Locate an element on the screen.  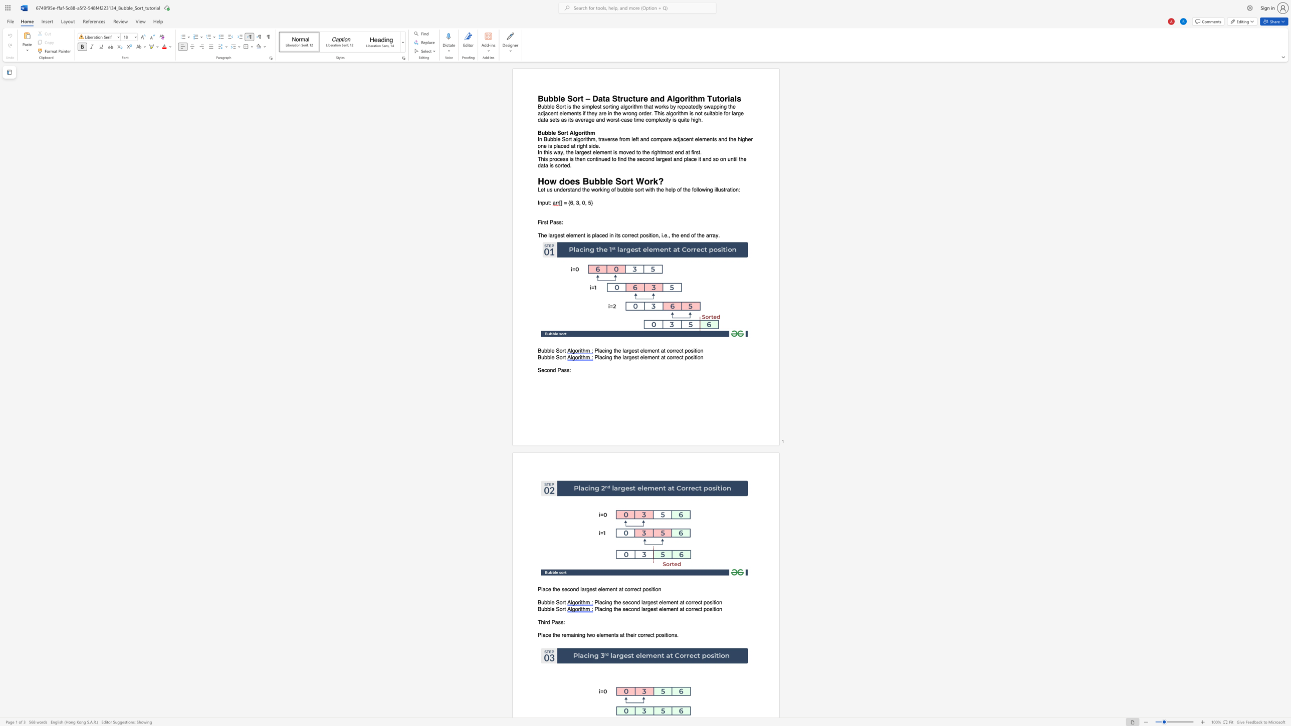
the subset text "Sort" within the text "Bubble Sort" is located at coordinates (555, 603).